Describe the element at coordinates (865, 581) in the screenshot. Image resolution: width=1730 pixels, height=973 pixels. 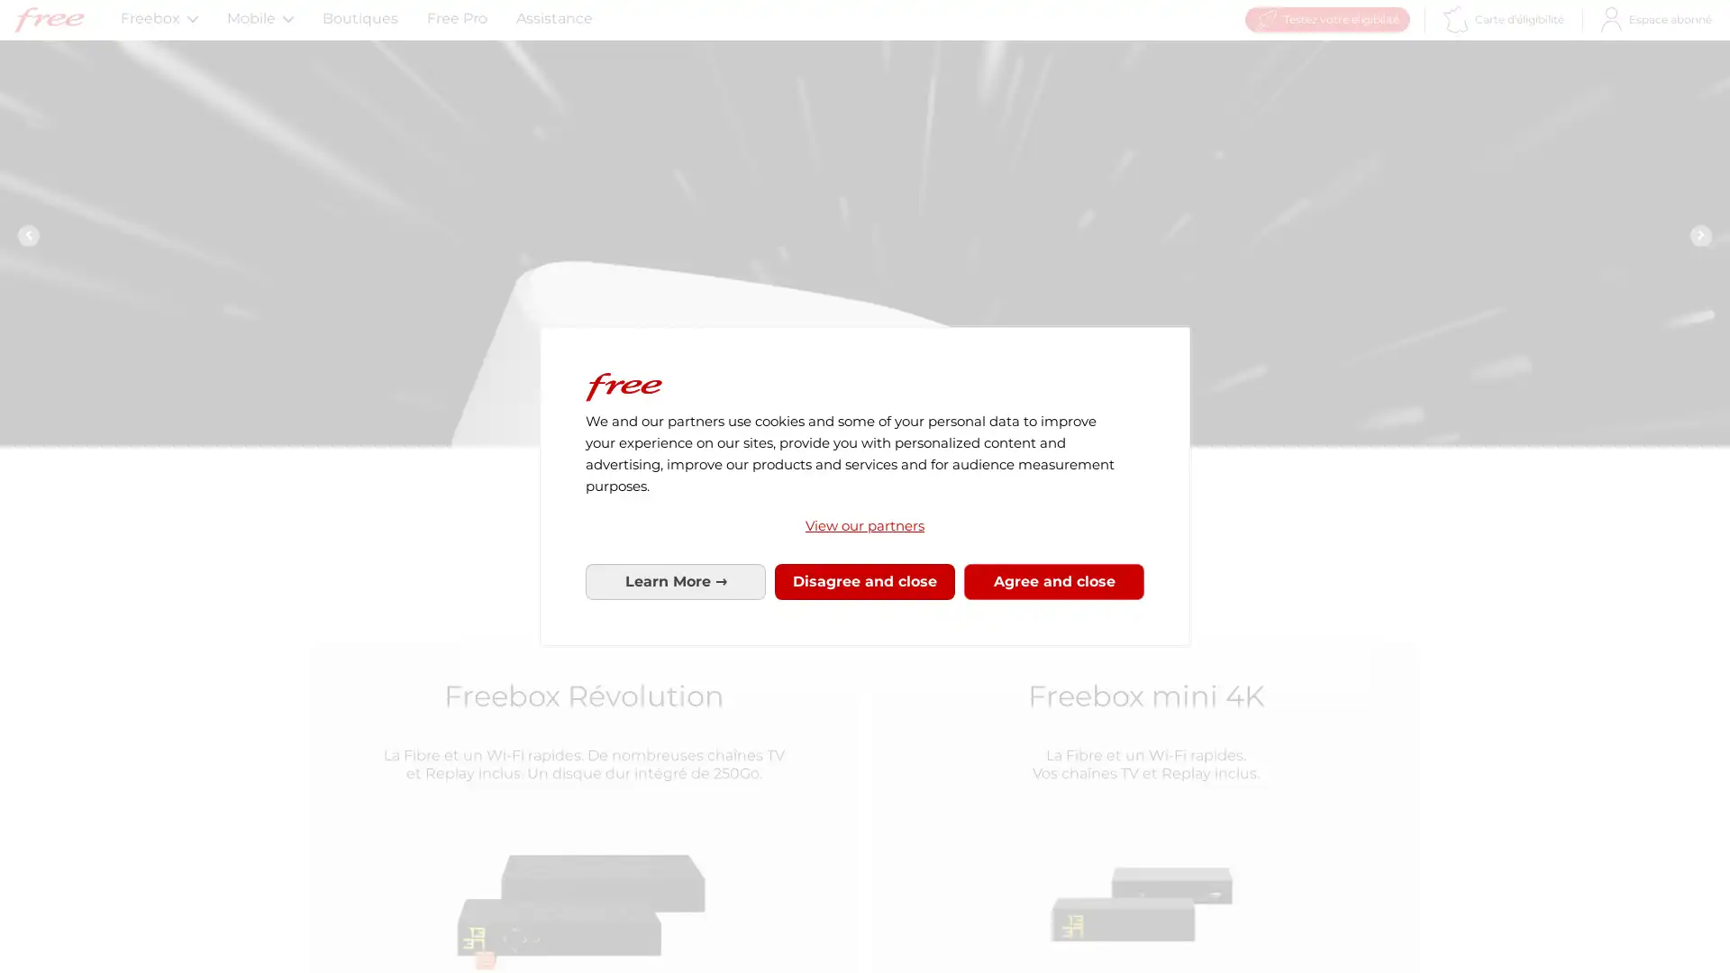
I see `Disagree to our data processing and close` at that location.